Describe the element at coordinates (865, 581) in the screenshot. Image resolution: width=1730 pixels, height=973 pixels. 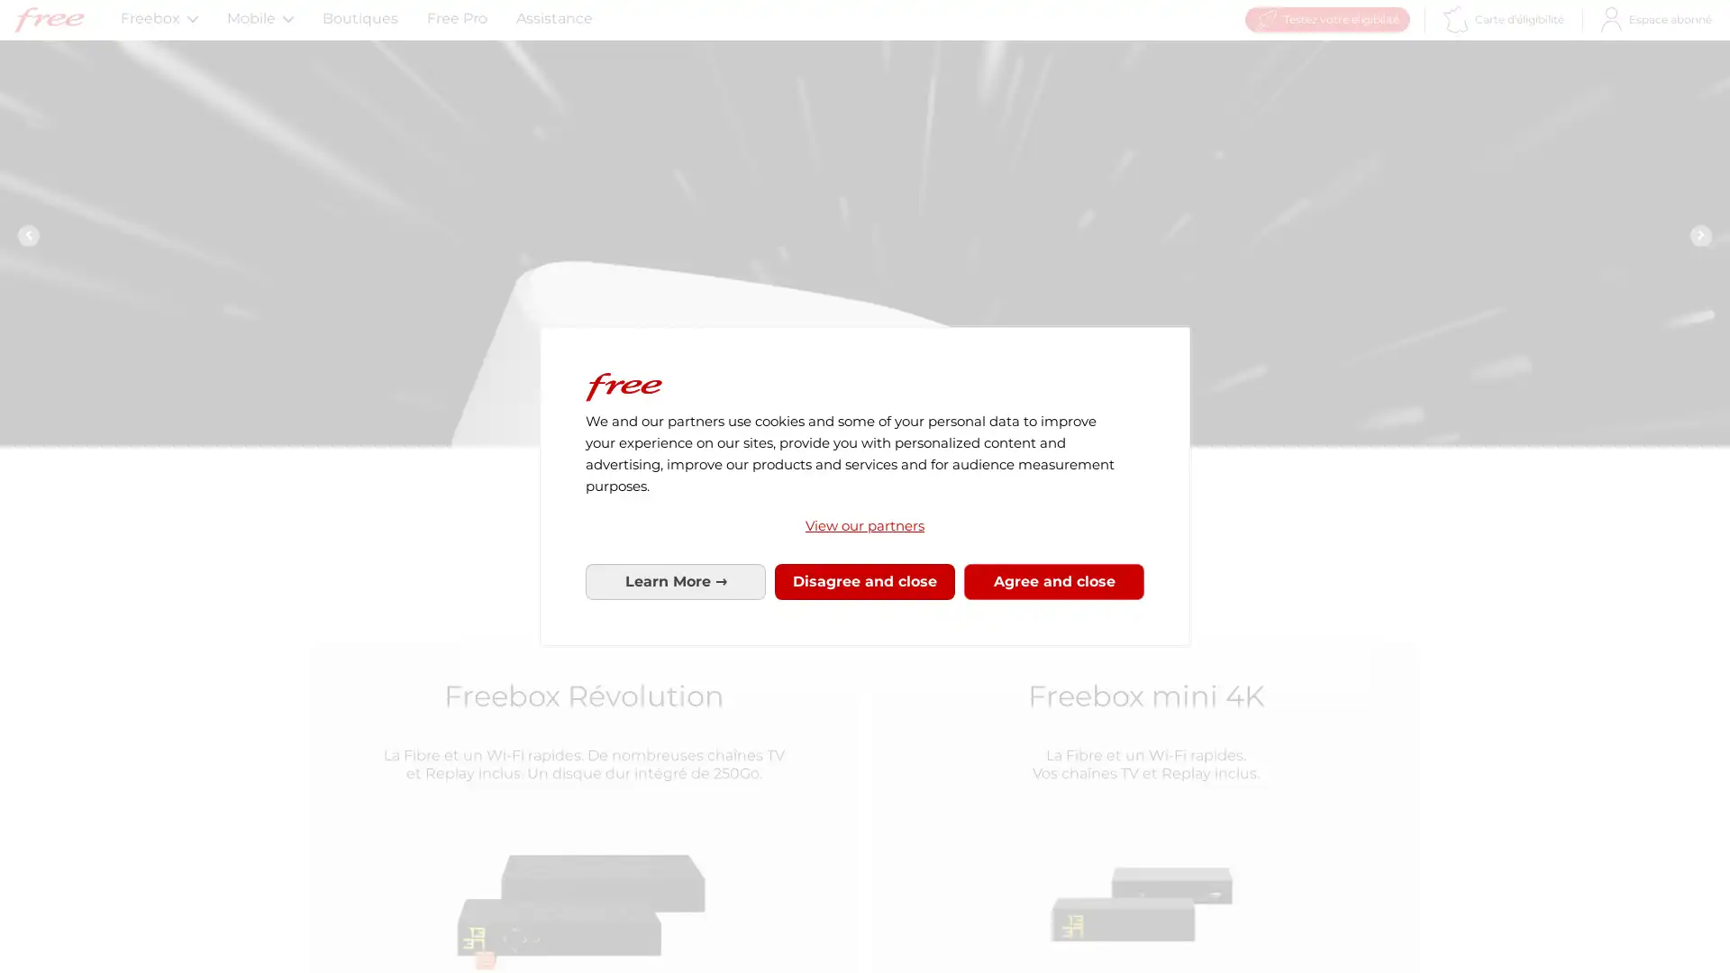
I see `Disagree to our data processing and close` at that location.